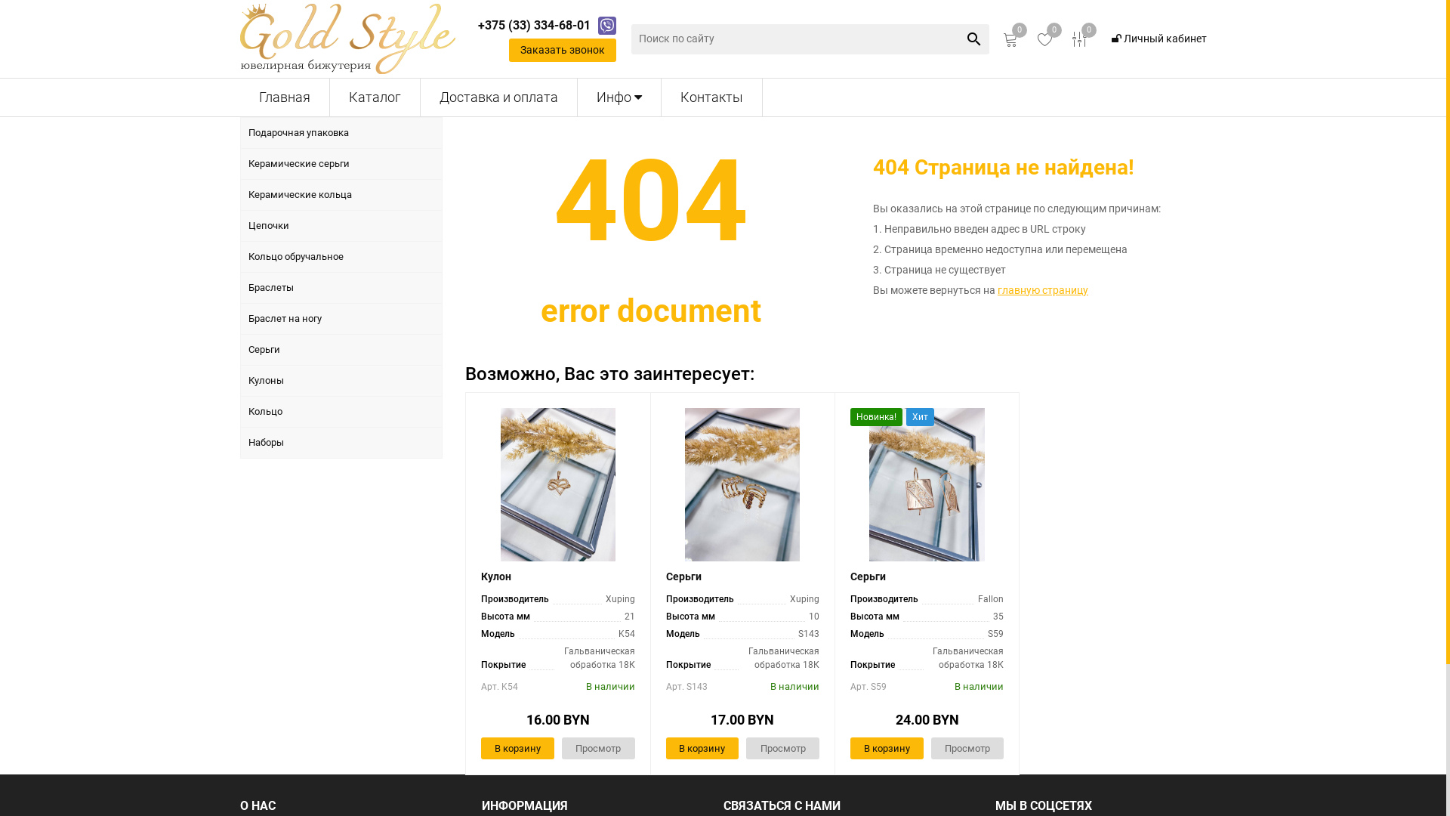 This screenshot has width=1450, height=816. I want to click on '0', so click(1044, 38).